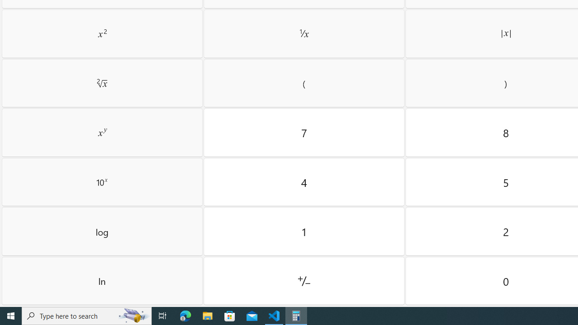 Image resolution: width=578 pixels, height=325 pixels. I want to click on 'Natural log', so click(102, 280).